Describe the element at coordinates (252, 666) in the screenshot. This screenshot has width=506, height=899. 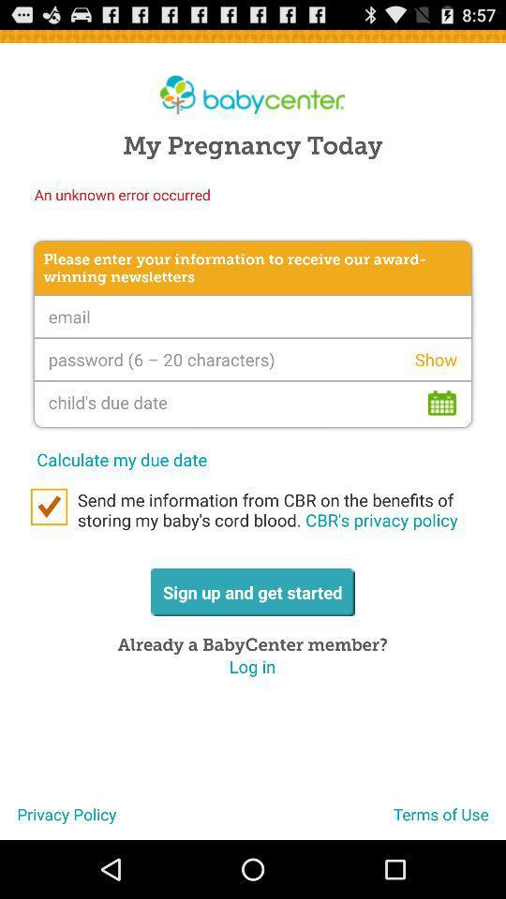
I see `the icon below the already a babycenter` at that location.